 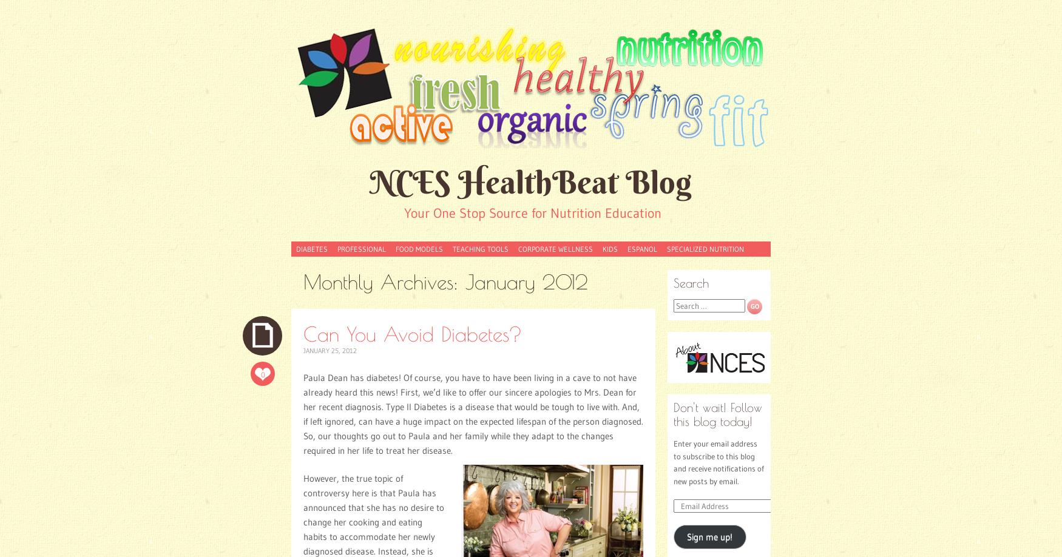 What do you see at coordinates (262, 374) in the screenshot?
I see `'0'` at bounding box center [262, 374].